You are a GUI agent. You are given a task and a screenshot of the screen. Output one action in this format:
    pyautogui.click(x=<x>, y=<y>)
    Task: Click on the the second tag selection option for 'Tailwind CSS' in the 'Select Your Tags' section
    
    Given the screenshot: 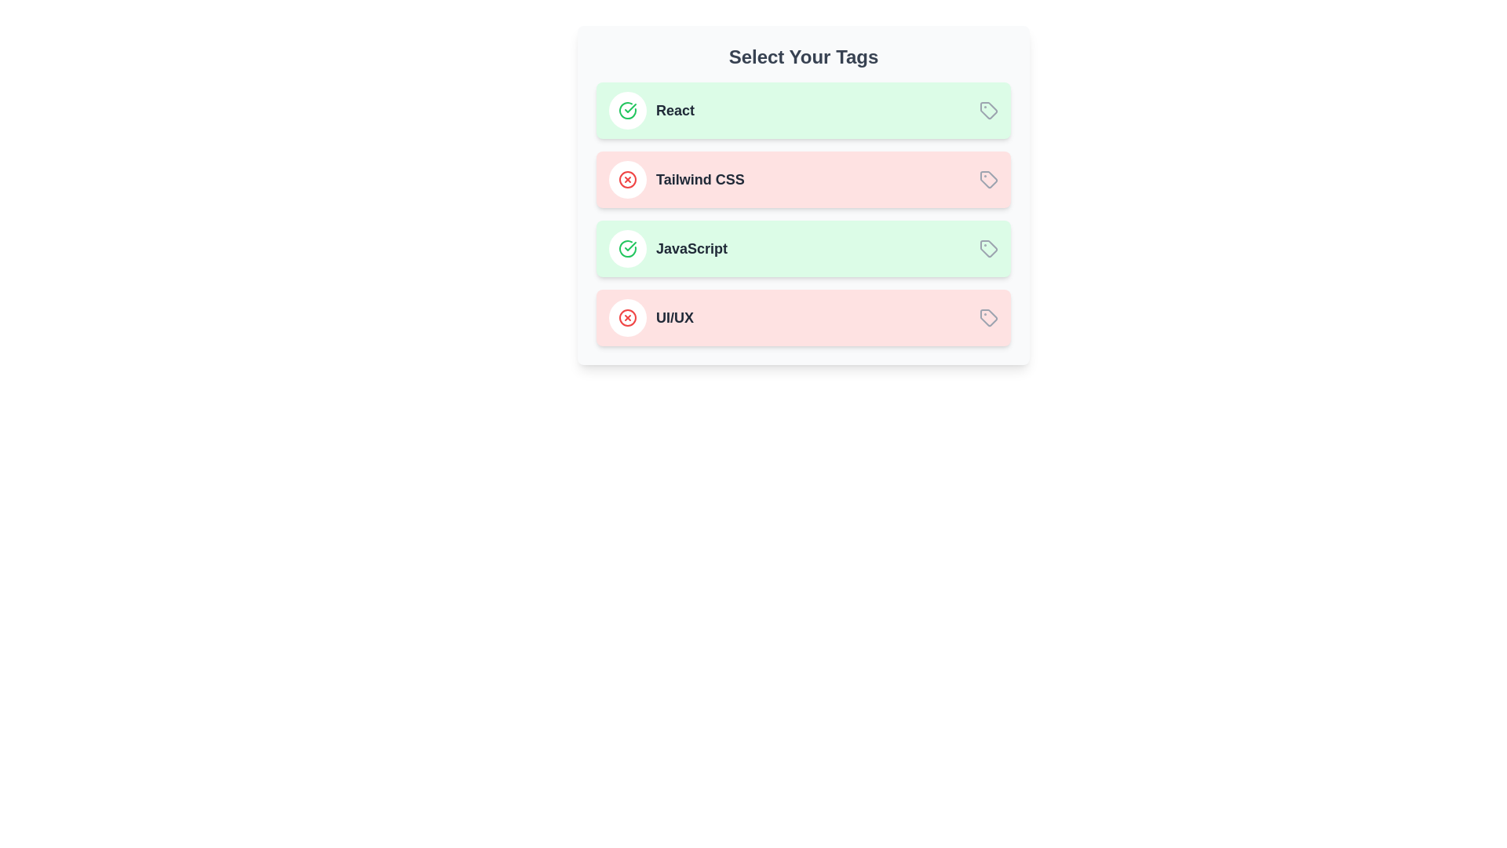 What is the action you would take?
    pyautogui.click(x=803, y=178)
    